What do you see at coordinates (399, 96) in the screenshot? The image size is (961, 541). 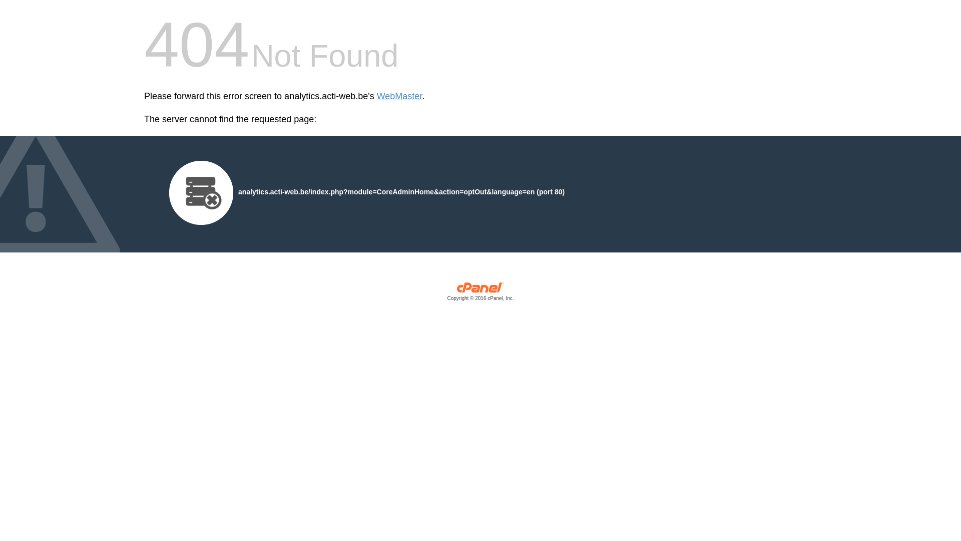 I see `'WebMaster'` at bounding box center [399, 96].